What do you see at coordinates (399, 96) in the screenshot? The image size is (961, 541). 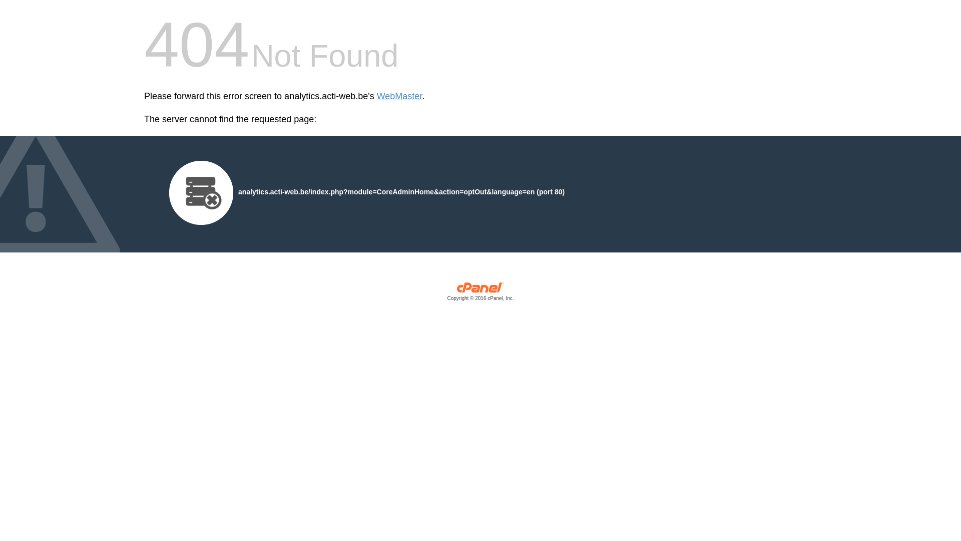 I see `'WebMaster'` at bounding box center [399, 96].